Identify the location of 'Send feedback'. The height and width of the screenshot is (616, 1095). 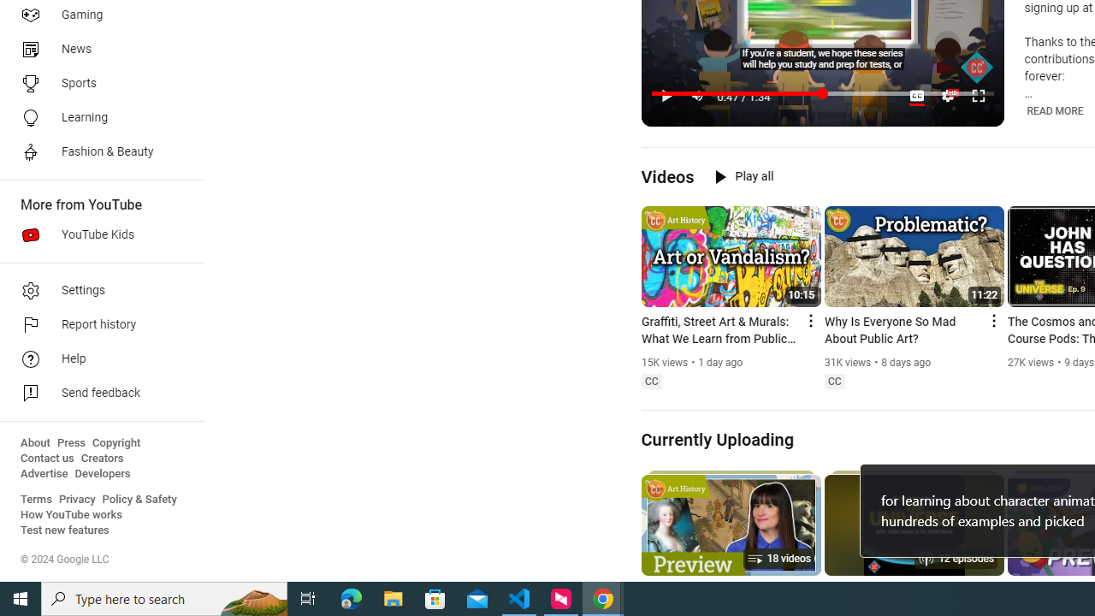
(96, 394).